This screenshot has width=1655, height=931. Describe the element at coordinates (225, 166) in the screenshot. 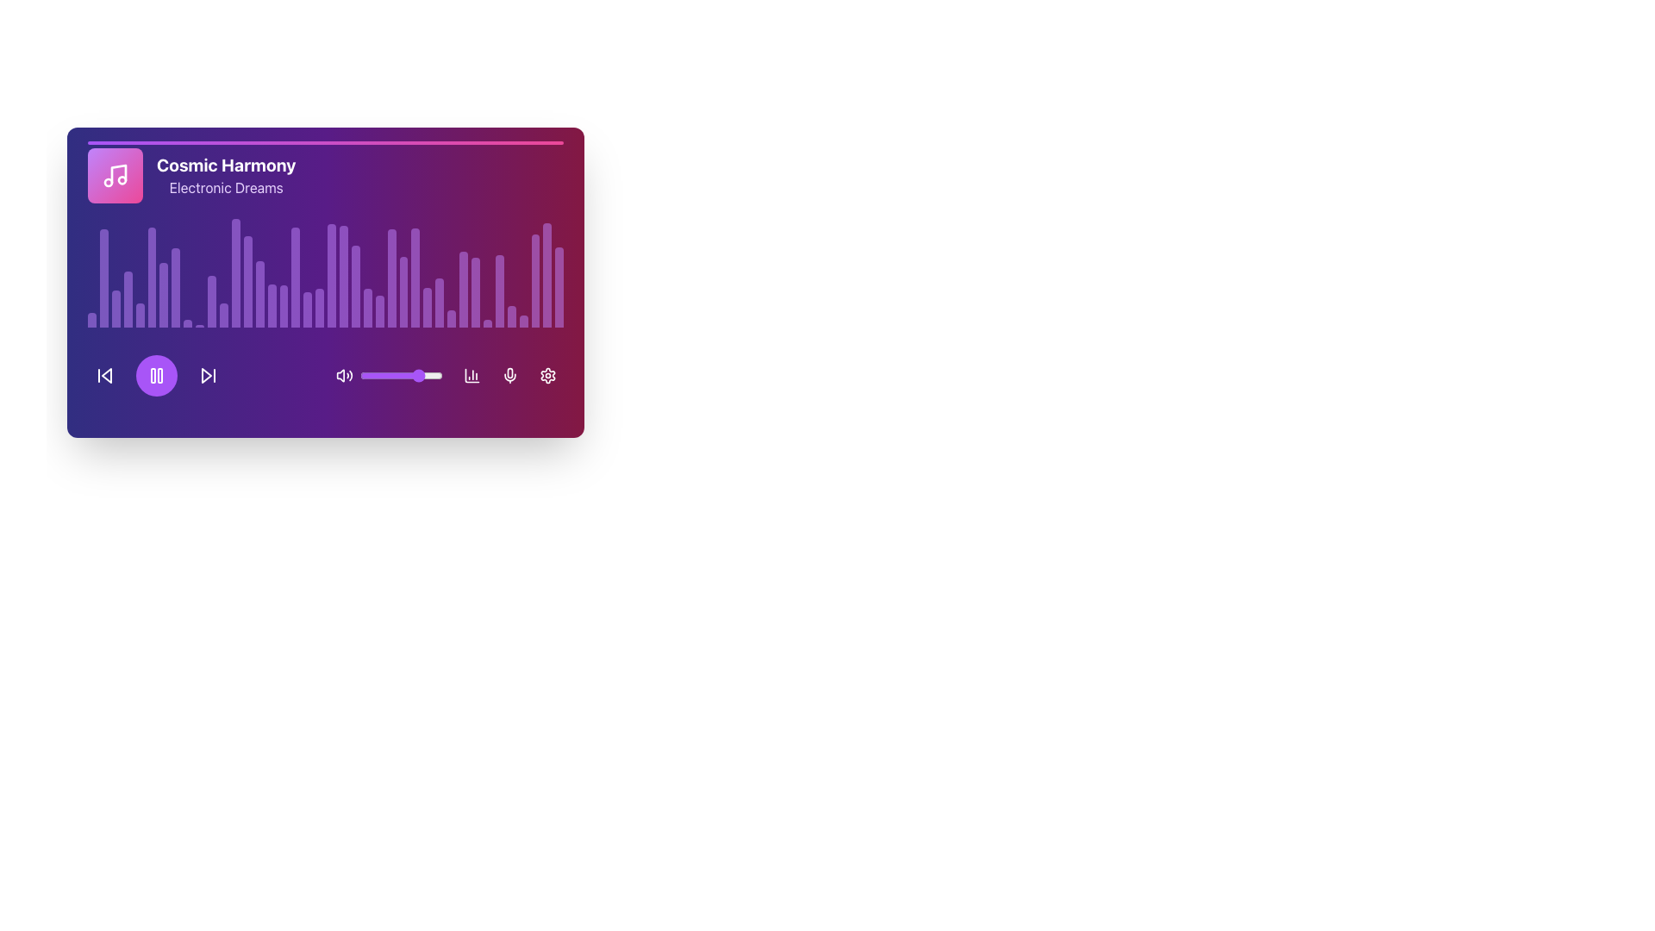

I see `the static text label that serves as the title of the music track displayed in the panel, located above the text 'Electronic Dreams' in the top-left portion of the panel` at that location.